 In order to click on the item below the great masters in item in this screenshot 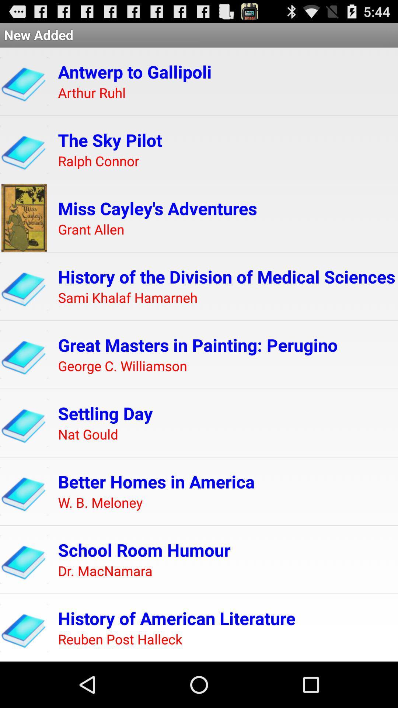, I will do `click(122, 366)`.